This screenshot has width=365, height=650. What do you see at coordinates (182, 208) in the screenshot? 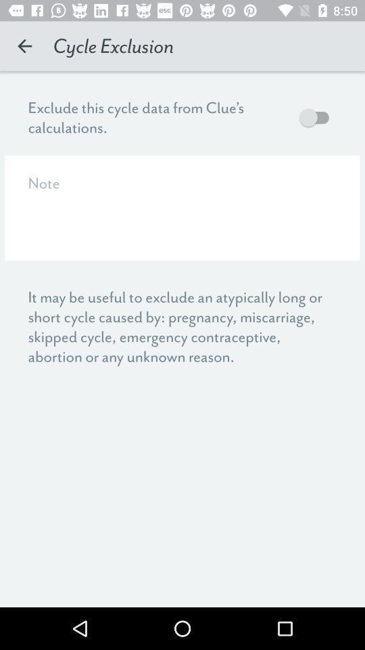
I see `a note` at bounding box center [182, 208].